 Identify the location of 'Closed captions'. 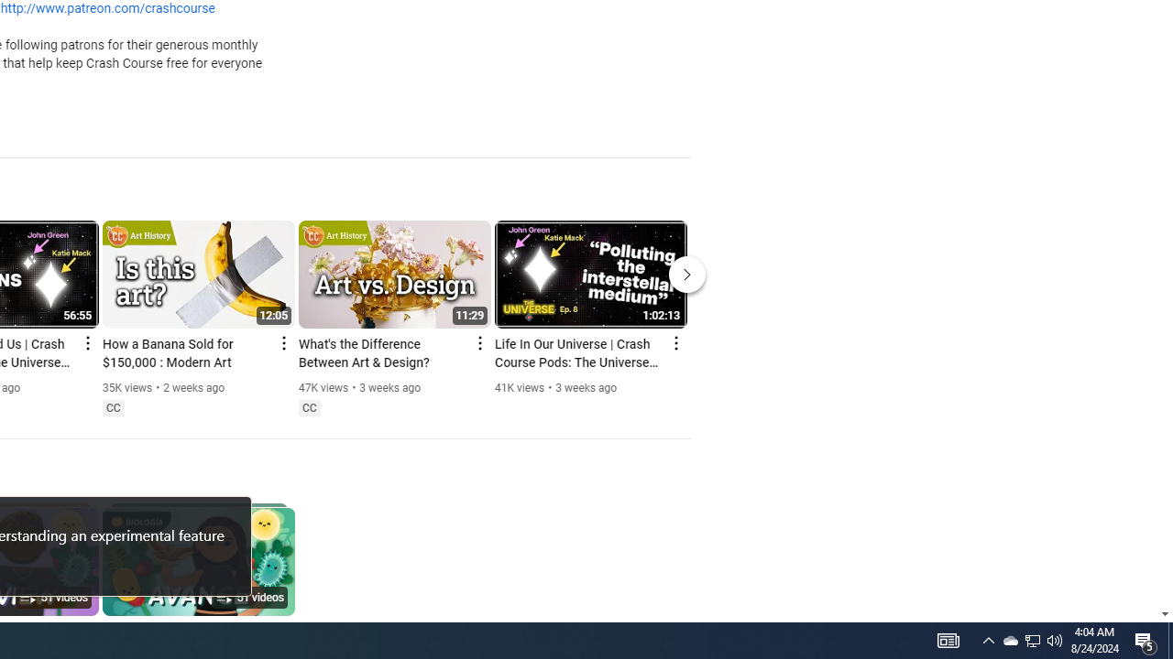
(309, 407).